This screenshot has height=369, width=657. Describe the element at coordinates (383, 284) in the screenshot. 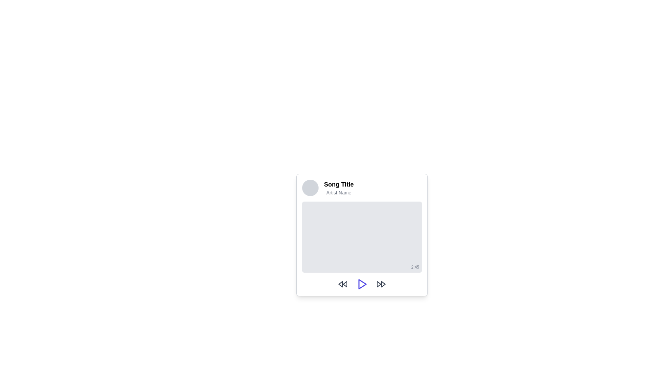

I see `the triangular SVG icon with a solid black outline located at the far right among the media control buttons` at that location.